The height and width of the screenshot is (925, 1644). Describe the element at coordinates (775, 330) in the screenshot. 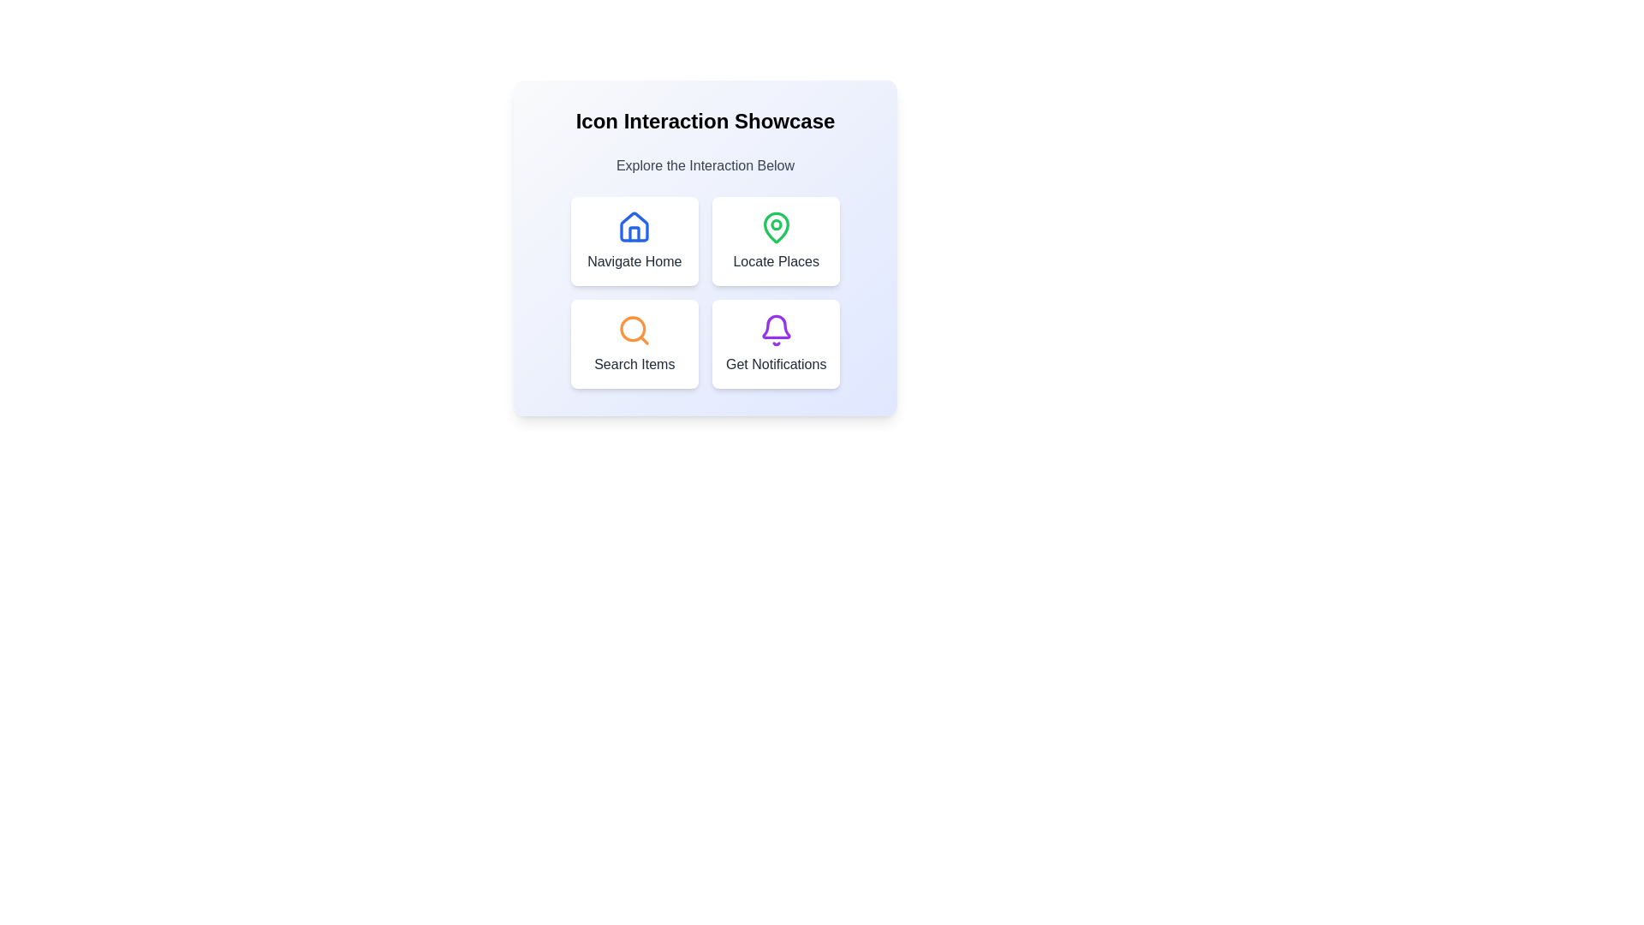

I see `the bell icon located within the 'Get Notifications' button at the bottom-right corner of the button grid` at that location.